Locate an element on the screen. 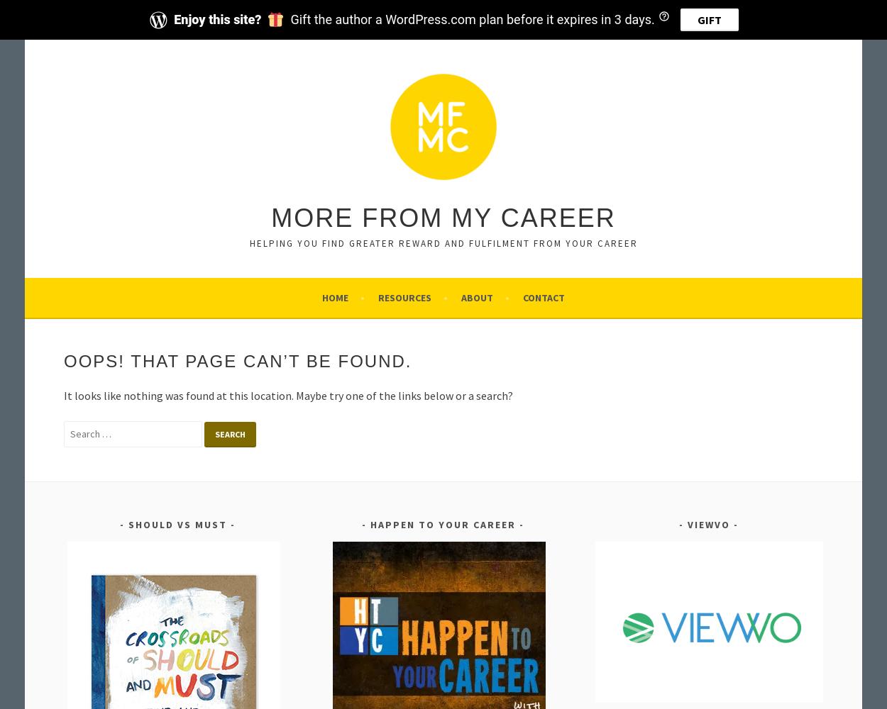 This screenshot has width=887, height=709. 'ViewVo' is located at coordinates (708, 524).